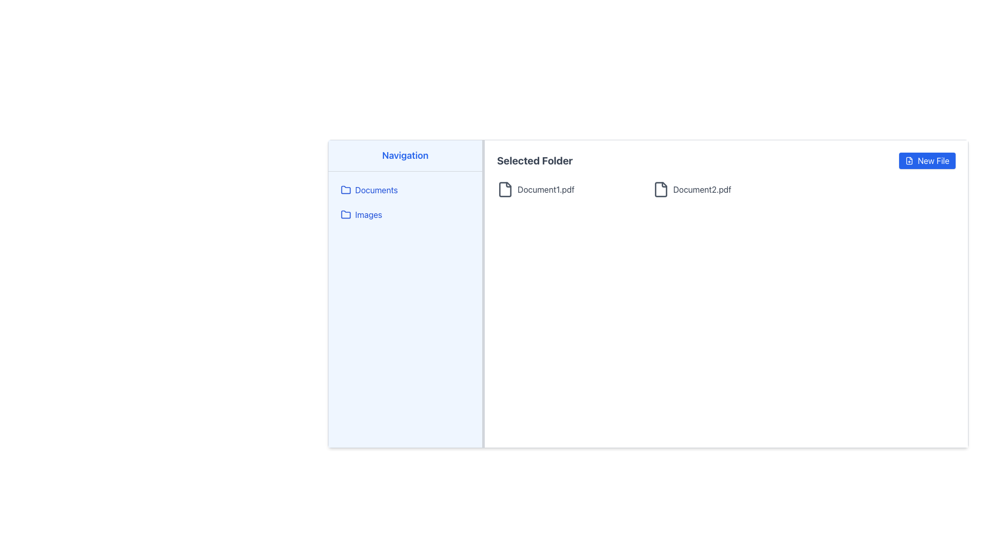 This screenshot has width=987, height=555. I want to click on text of the 'New File' text label which is part of a blue button with rounded corners, located at the top-right corner of the interface, so click(934, 160).